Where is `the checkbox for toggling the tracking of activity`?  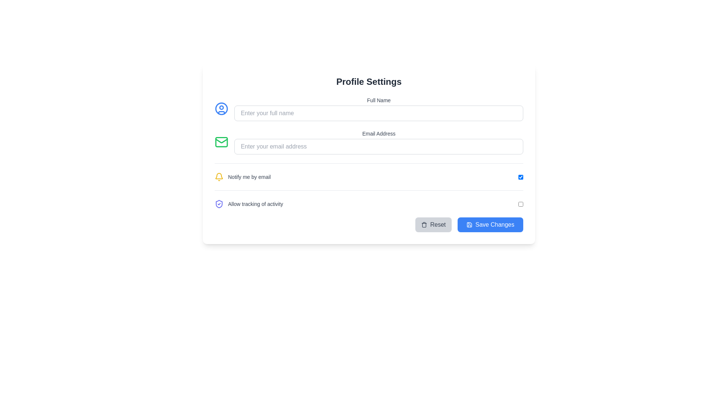
the checkbox for toggling the tracking of activity is located at coordinates (520, 204).